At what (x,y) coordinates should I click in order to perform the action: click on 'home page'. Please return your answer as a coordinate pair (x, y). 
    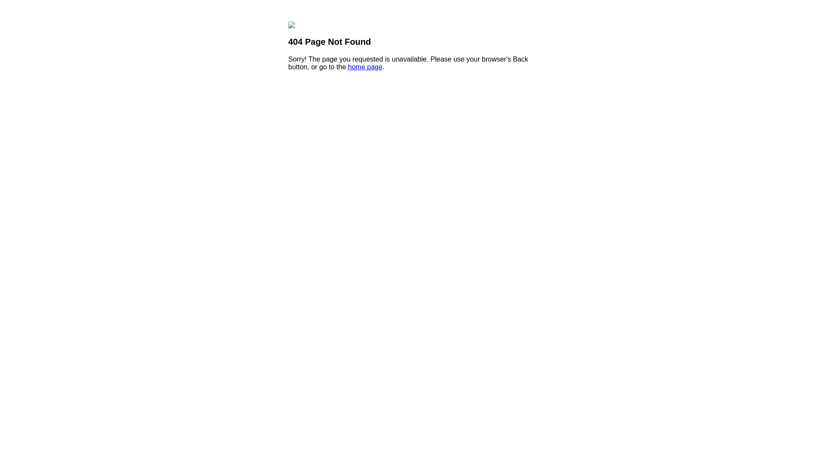
    Looking at the image, I should click on (365, 66).